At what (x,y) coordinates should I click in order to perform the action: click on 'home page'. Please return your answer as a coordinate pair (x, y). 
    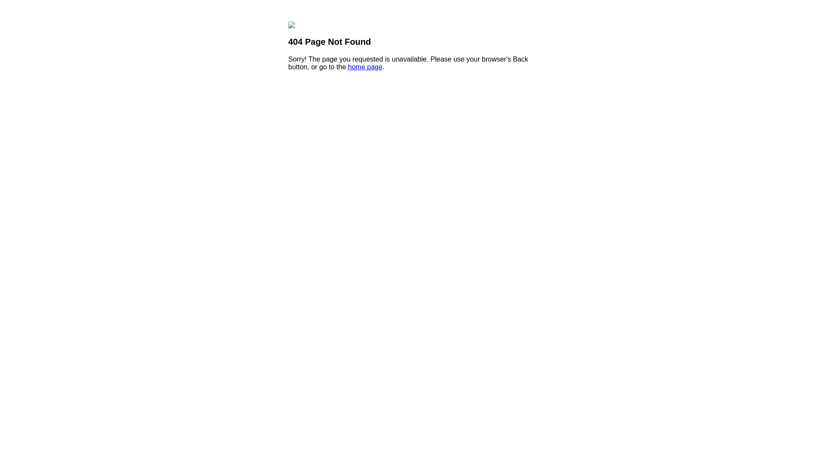
    Looking at the image, I should click on (365, 66).